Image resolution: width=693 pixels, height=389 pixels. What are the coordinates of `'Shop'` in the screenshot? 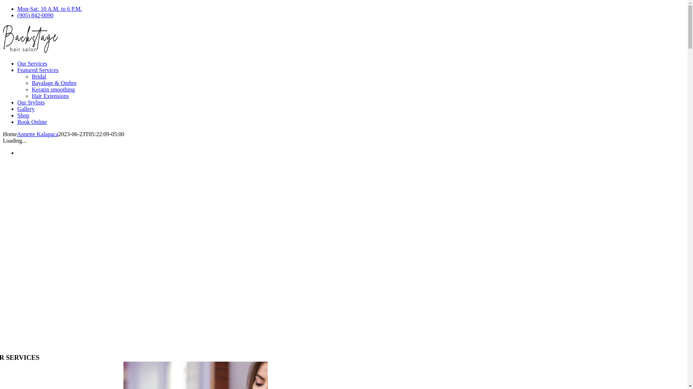 It's located at (23, 115).